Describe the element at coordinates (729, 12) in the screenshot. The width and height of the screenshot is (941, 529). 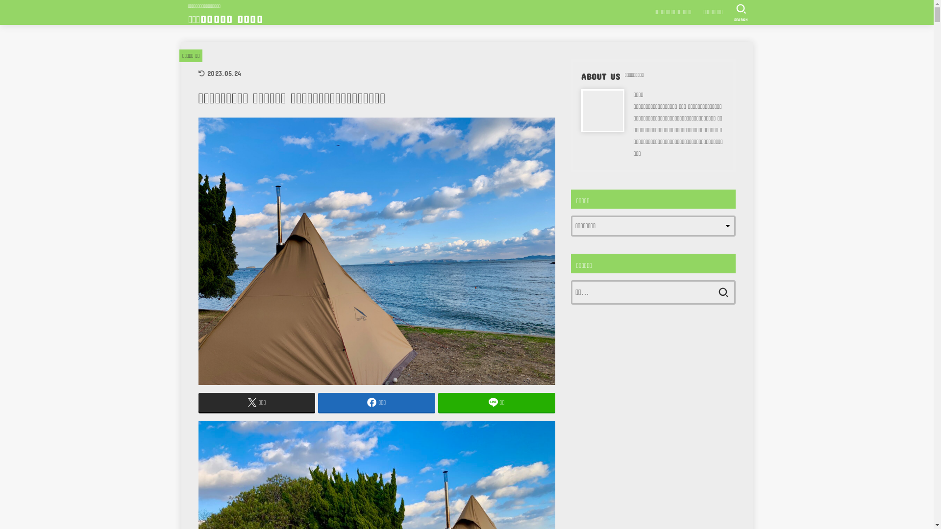
I see `'SEARCH'` at that location.